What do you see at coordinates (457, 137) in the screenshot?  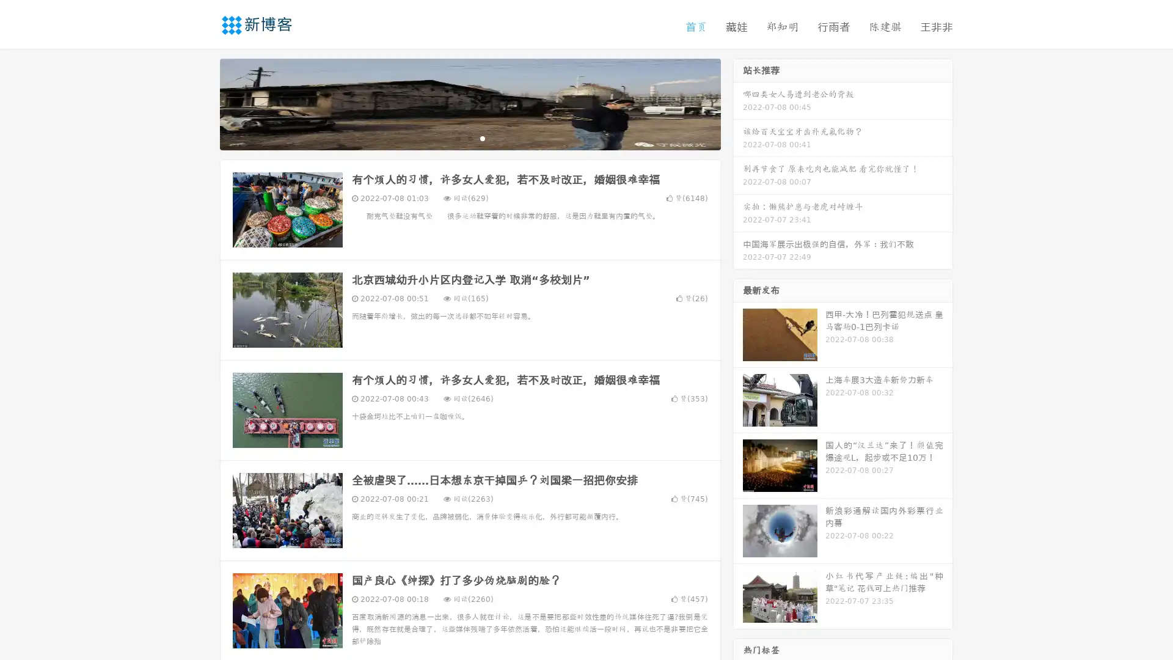 I see `Go to slide 1` at bounding box center [457, 137].